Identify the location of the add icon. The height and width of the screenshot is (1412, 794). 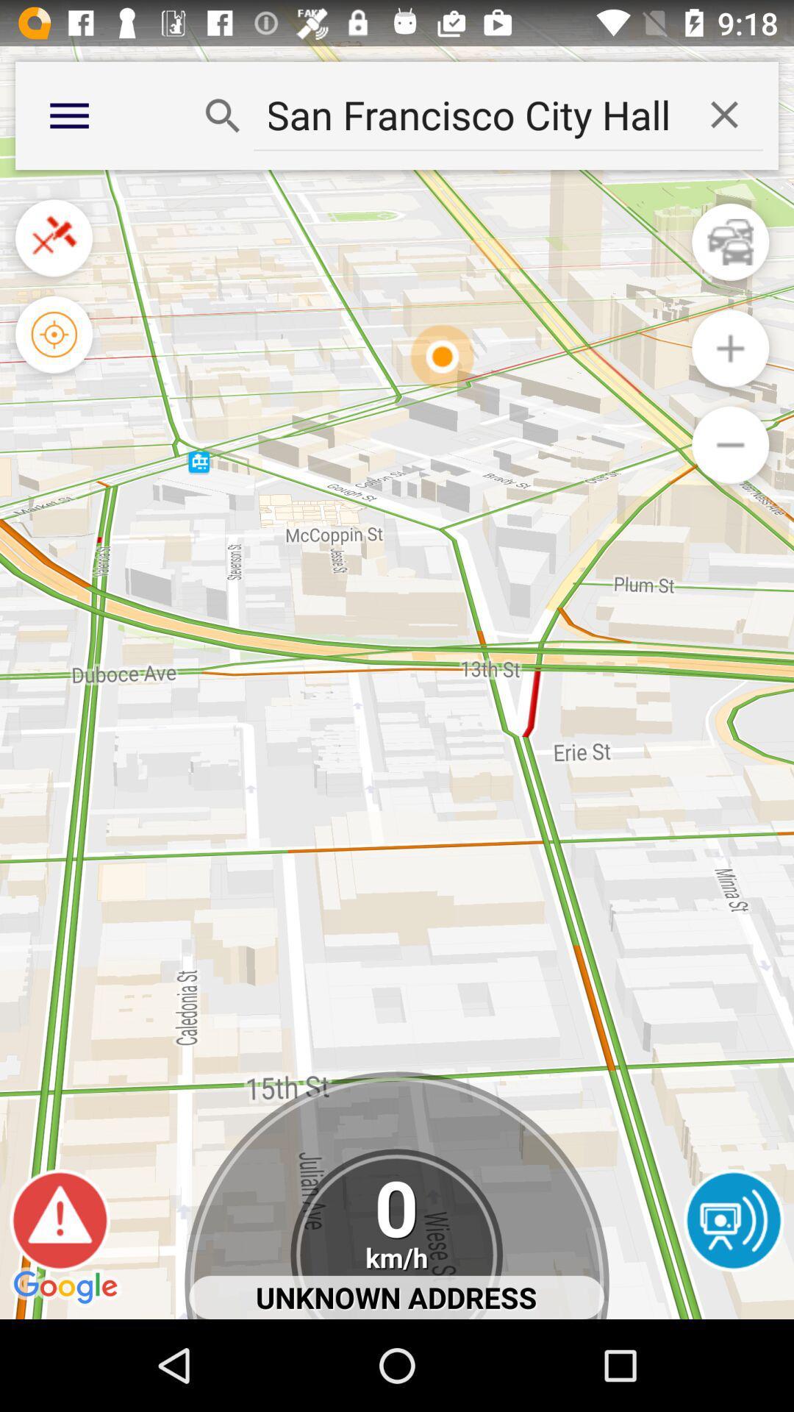
(730, 373).